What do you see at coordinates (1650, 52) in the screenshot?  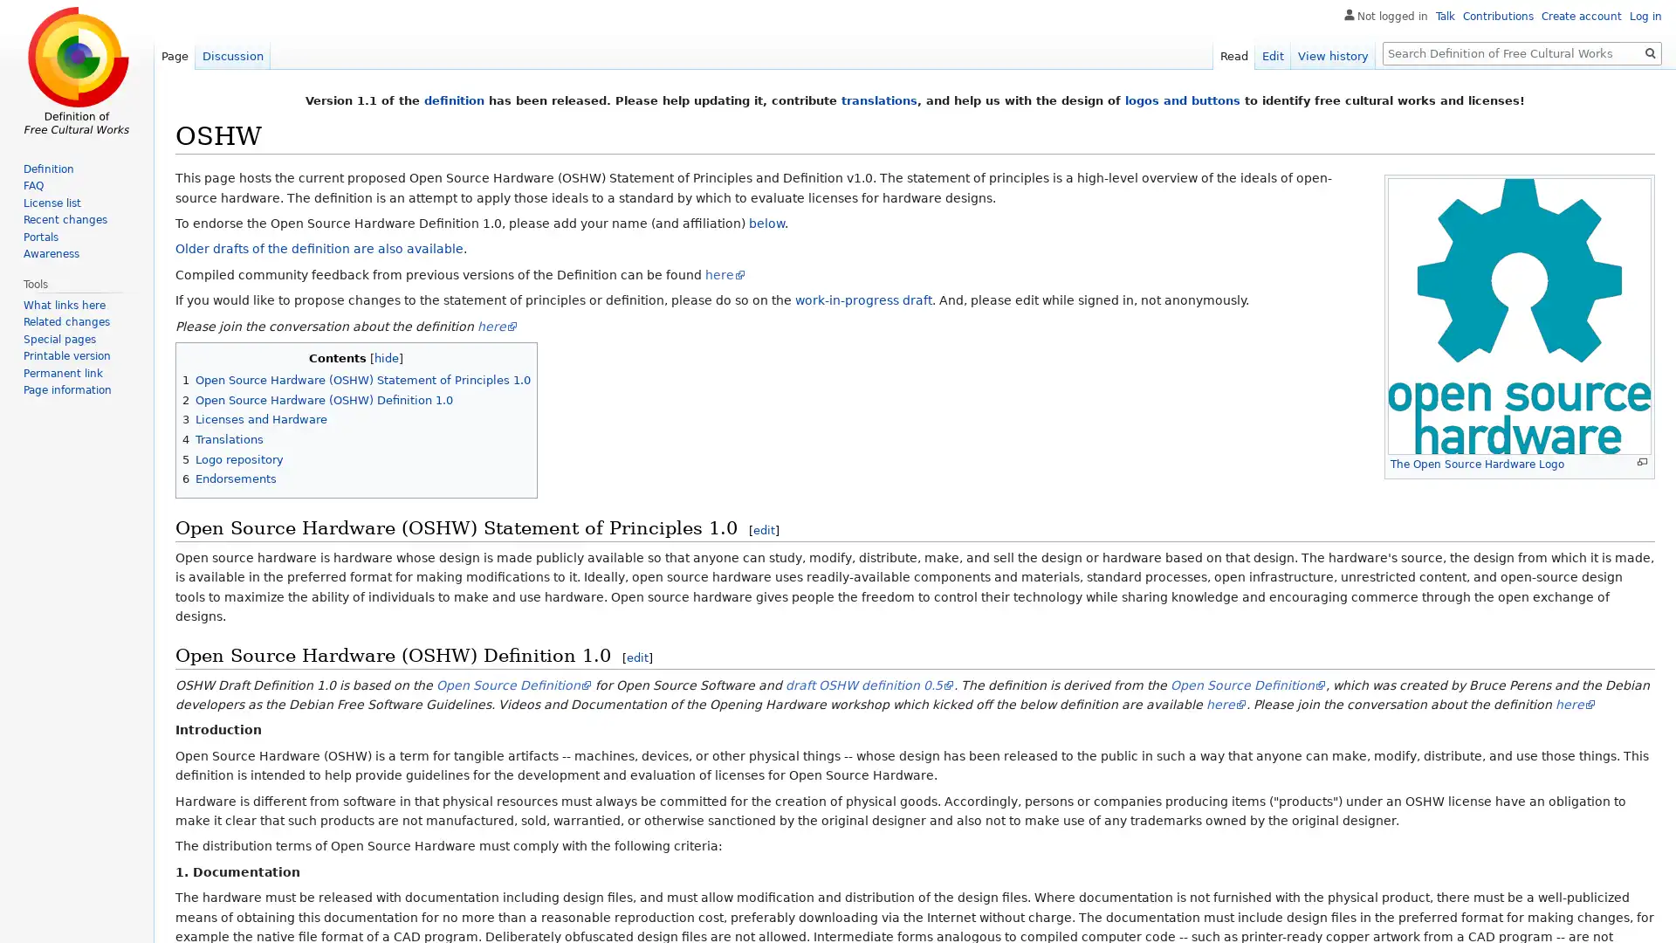 I see `Search` at bounding box center [1650, 52].